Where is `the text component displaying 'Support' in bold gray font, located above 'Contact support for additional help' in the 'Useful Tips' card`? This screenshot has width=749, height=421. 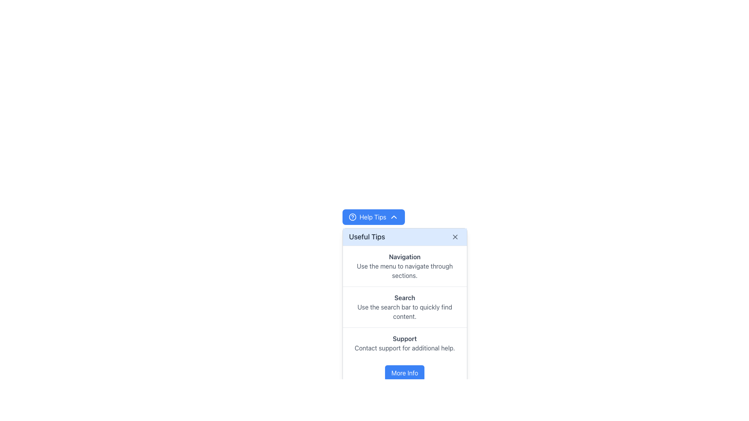 the text component displaying 'Support' in bold gray font, located above 'Contact support for additional help' in the 'Useful Tips' card is located at coordinates (405, 338).